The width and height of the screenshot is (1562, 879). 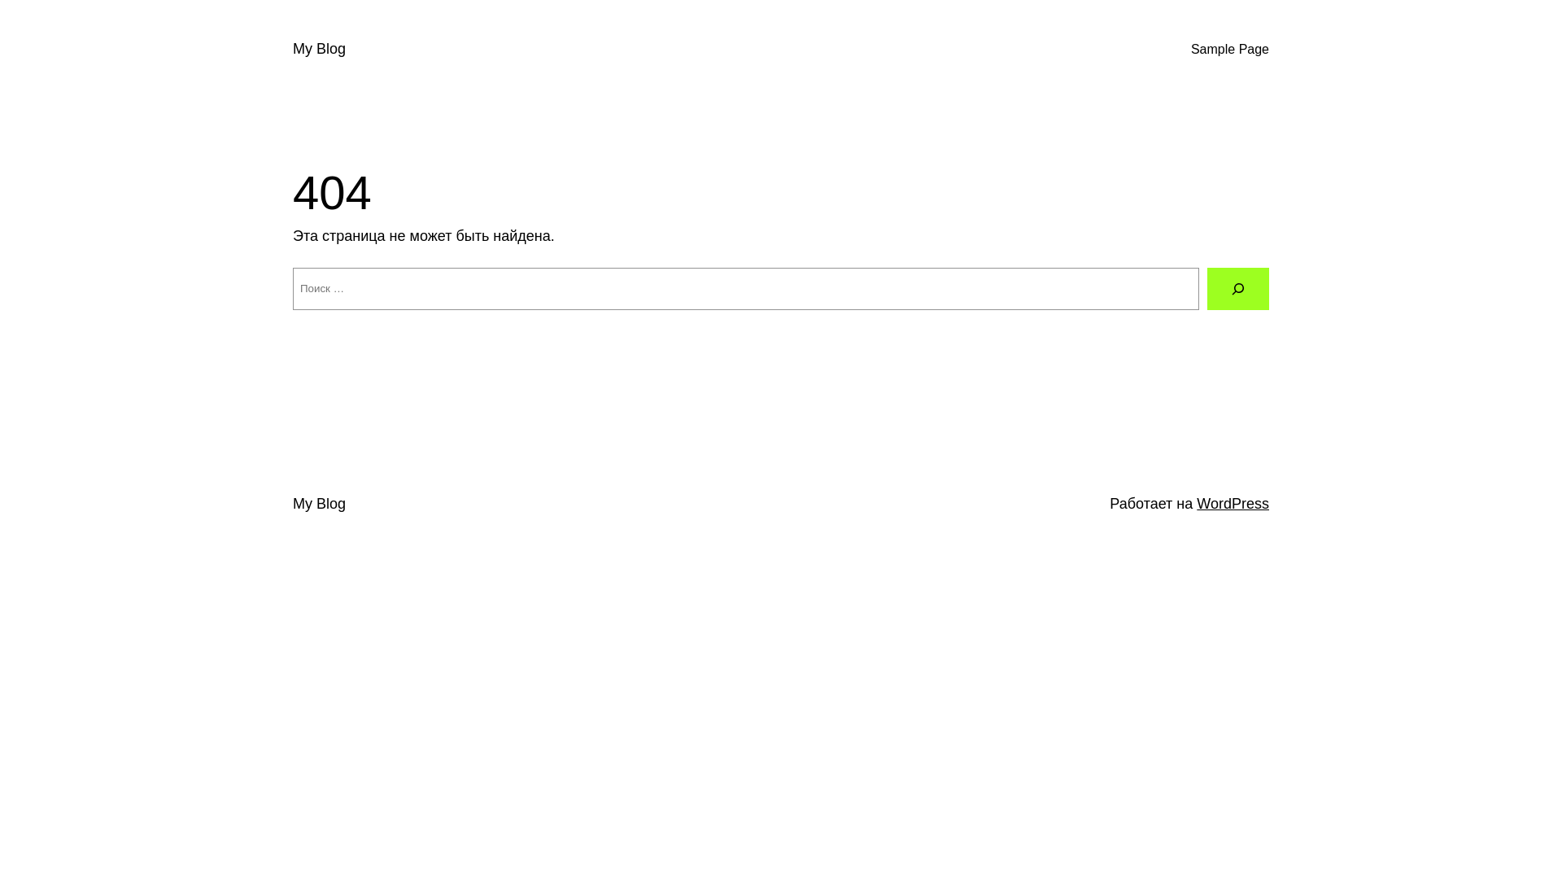 I want to click on 'Sample Page', so click(x=1230, y=49).